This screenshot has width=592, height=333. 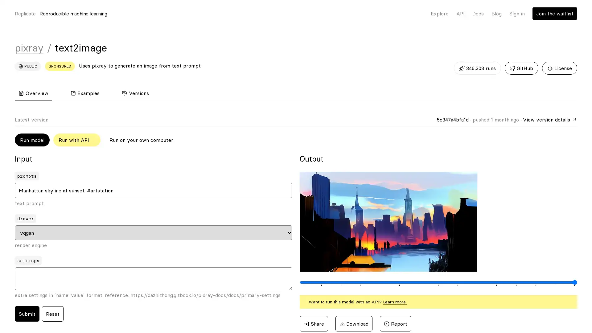 What do you see at coordinates (27, 314) in the screenshot?
I see `Submit` at bounding box center [27, 314].